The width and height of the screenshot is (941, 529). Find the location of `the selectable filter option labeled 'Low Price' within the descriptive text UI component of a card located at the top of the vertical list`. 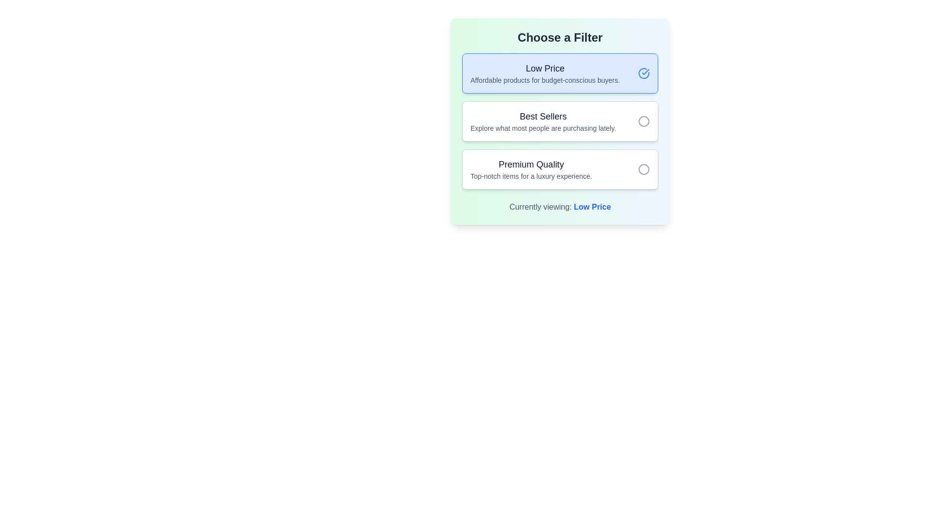

the selectable filter option labeled 'Low Price' within the descriptive text UI component of a card located at the top of the vertical list is located at coordinates (545, 73).